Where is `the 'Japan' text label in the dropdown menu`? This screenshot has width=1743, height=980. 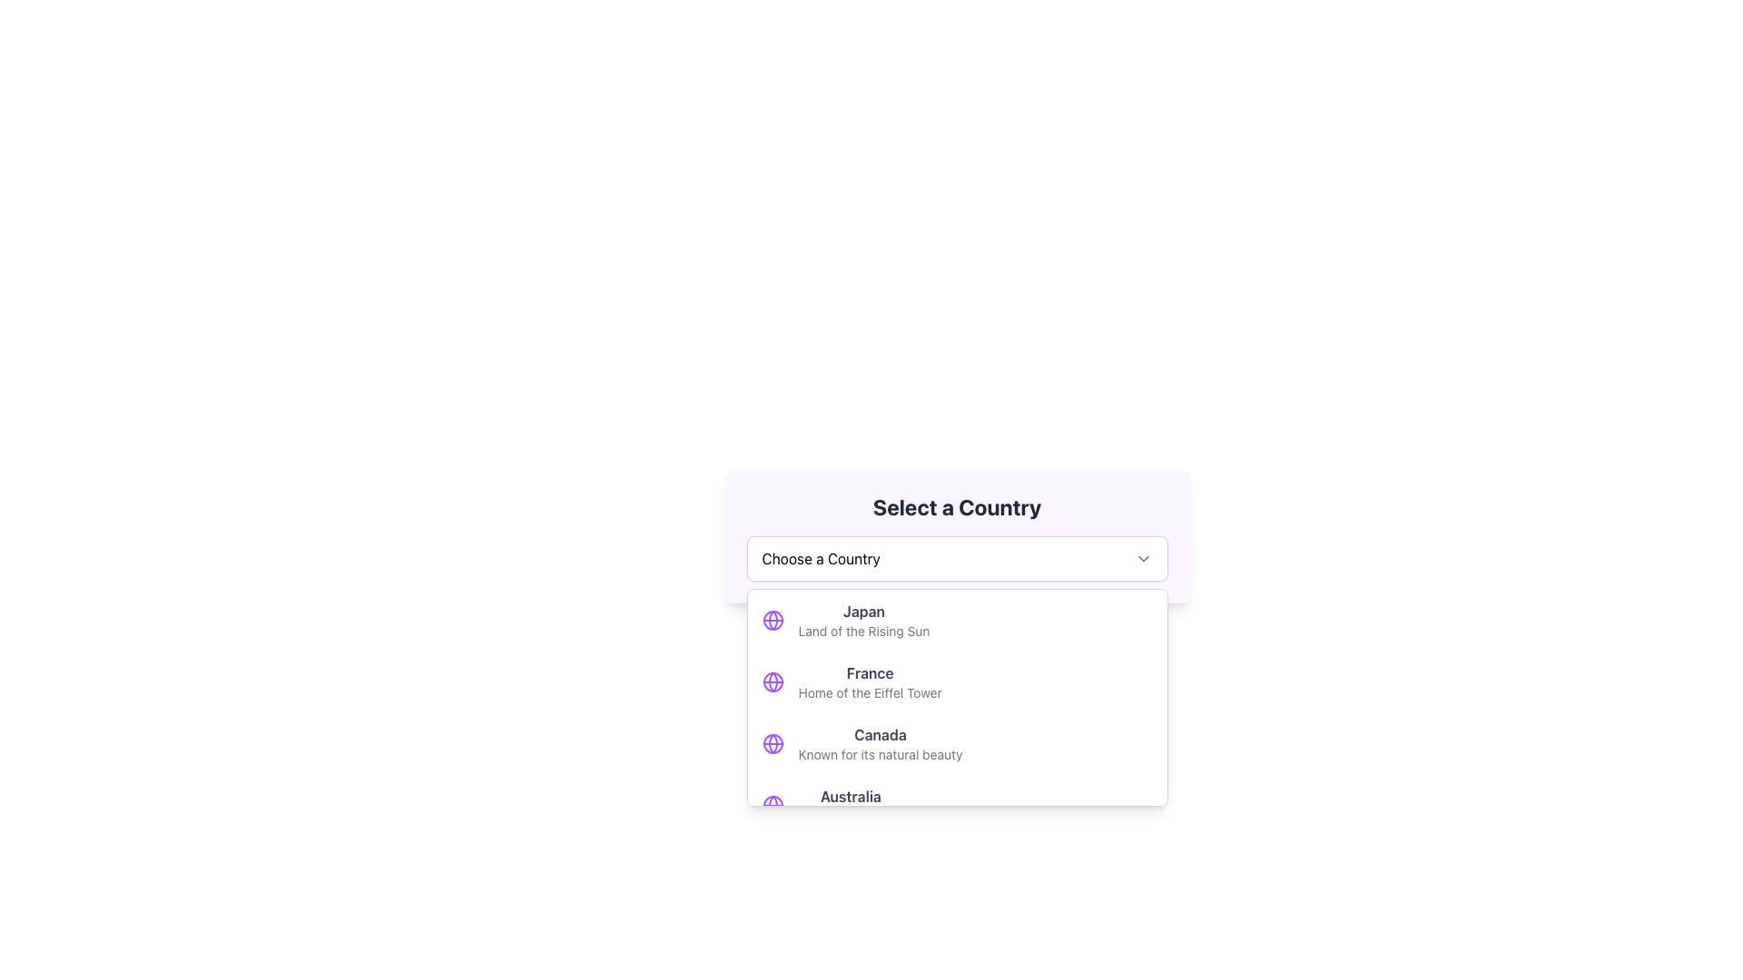 the 'Japan' text label in the dropdown menu is located at coordinates (862, 612).